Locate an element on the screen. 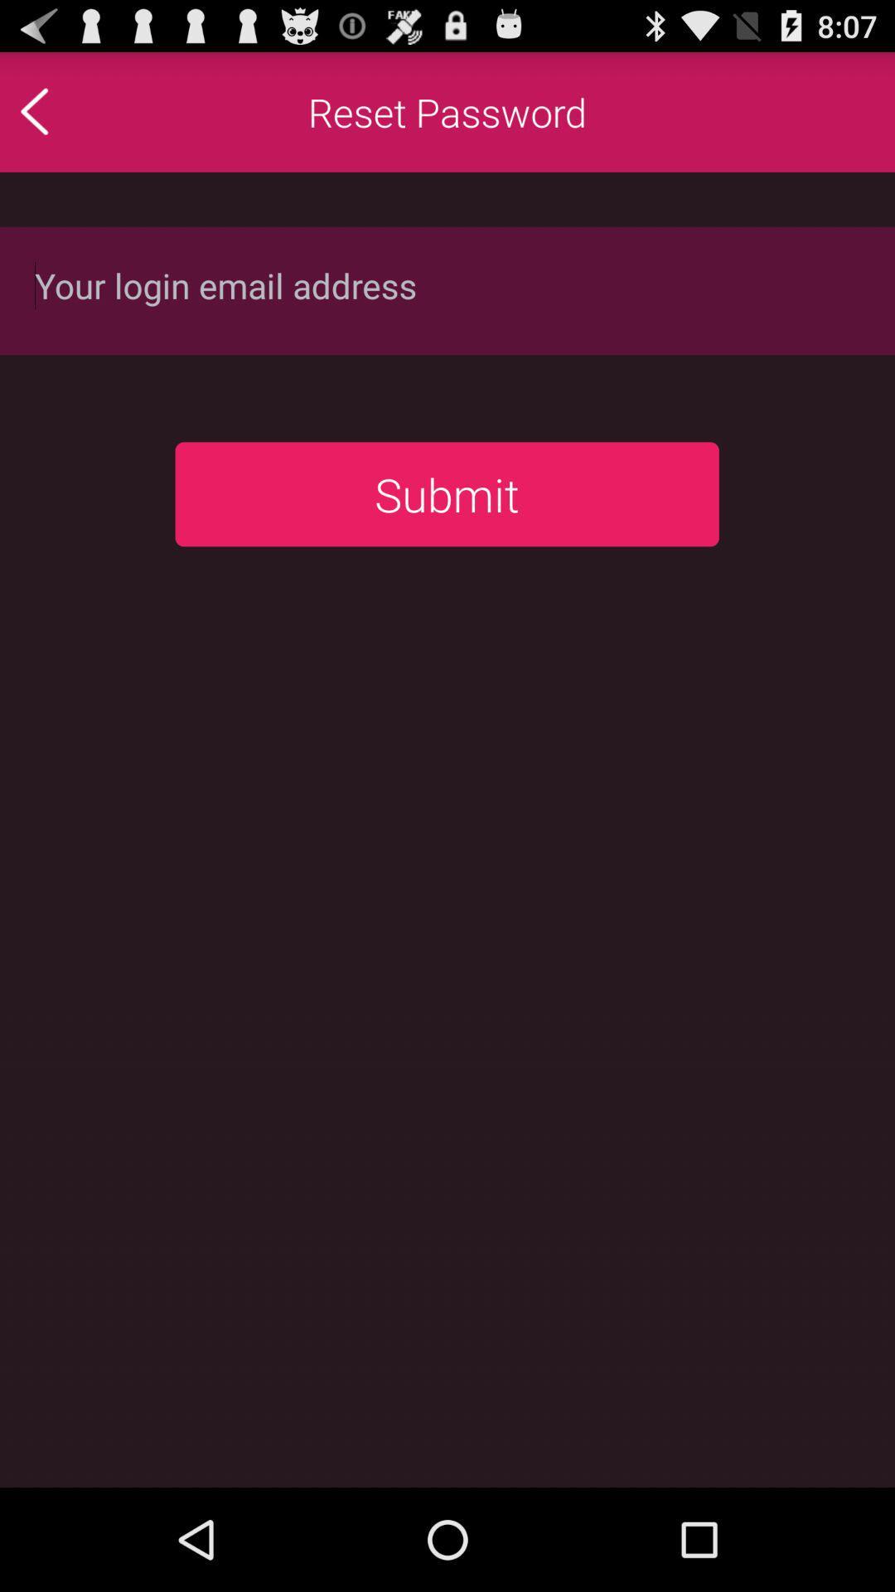 This screenshot has width=895, height=1592. previous page is located at coordinates (69, 110).